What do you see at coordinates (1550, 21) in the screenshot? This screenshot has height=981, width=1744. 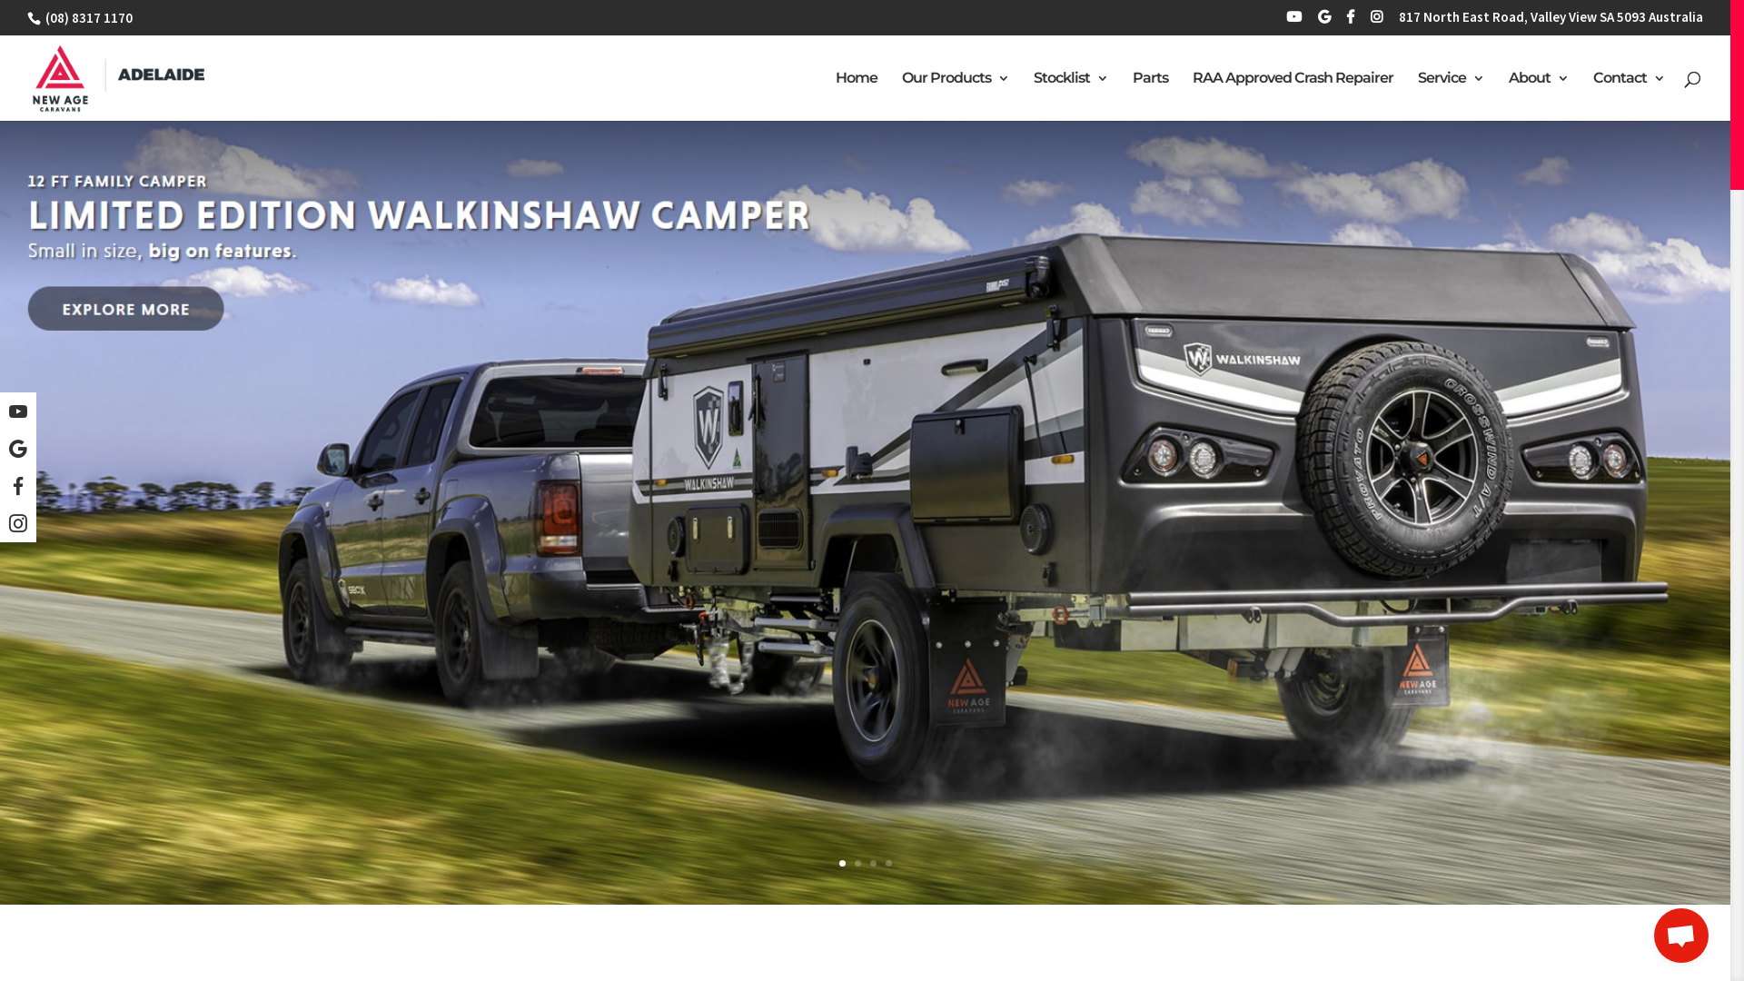 I see `'817 North East Road, Valley View SA 5093 Australia'` at bounding box center [1550, 21].